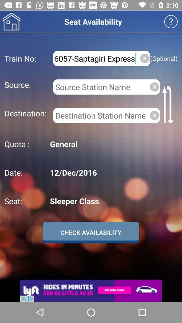 Image resolution: width=182 pixels, height=323 pixels. I want to click on destination station, so click(99, 115).